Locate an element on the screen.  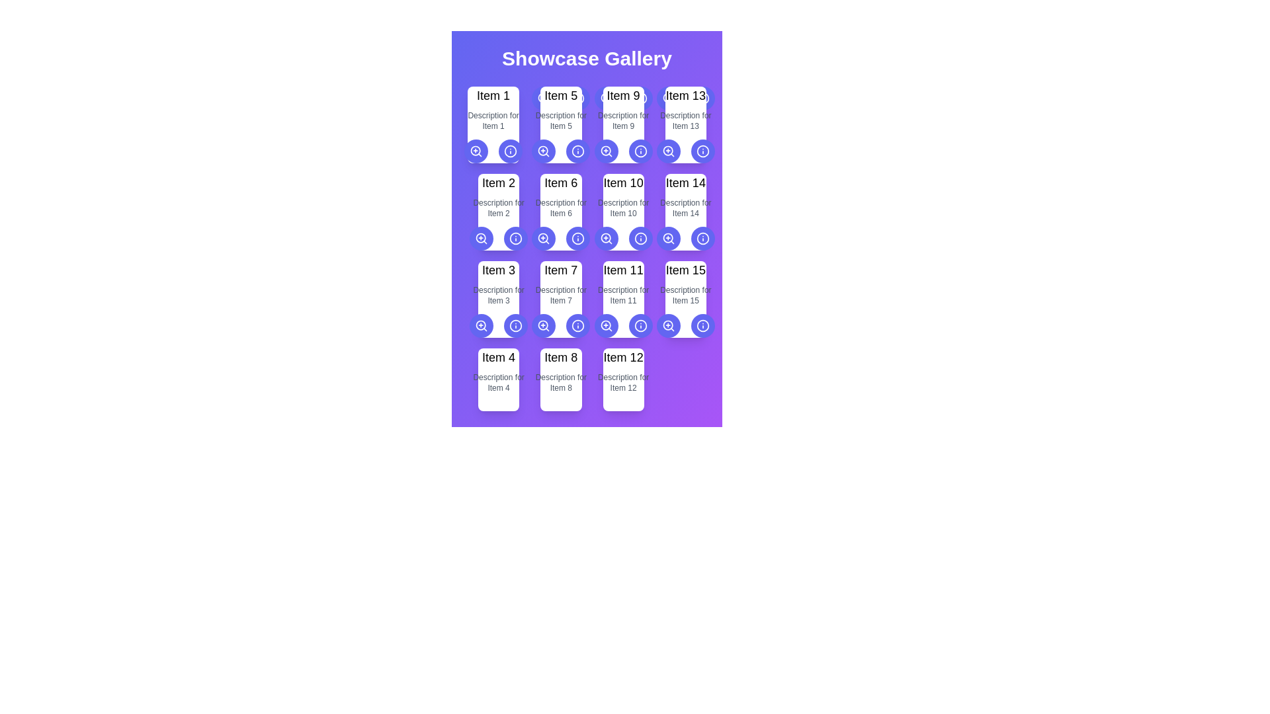
the magnifying glass action button on the card titled 'Item 14' to zoom in is located at coordinates (685, 211).